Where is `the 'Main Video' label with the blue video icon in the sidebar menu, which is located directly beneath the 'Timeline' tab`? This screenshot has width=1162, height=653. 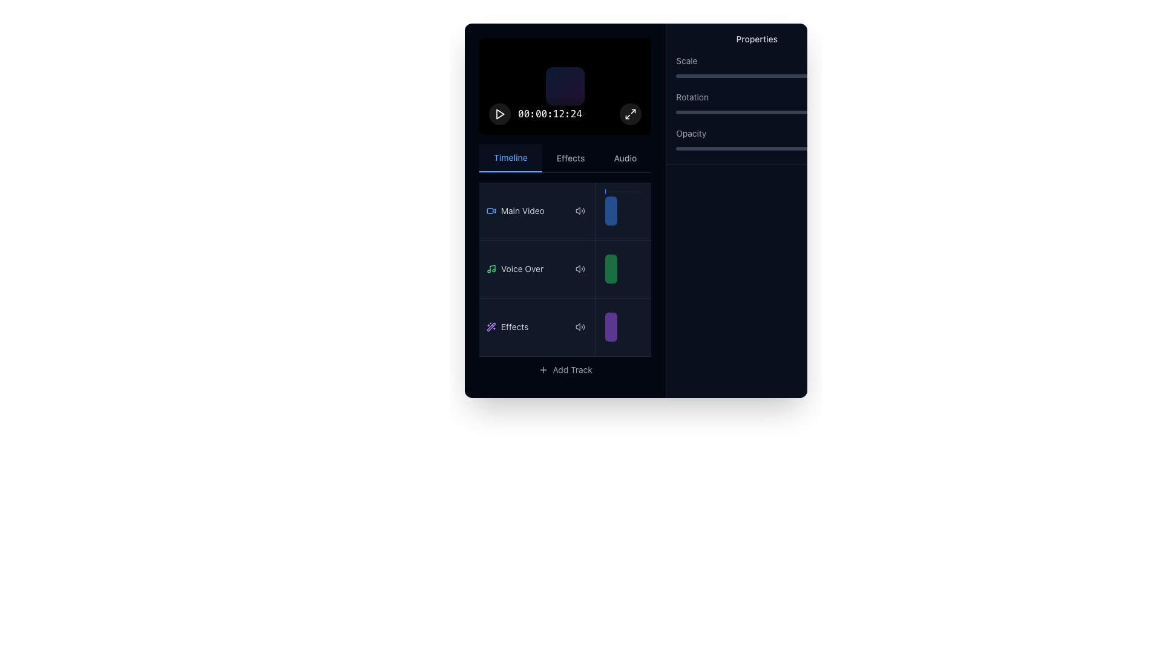
the 'Main Video' label with the blue video icon in the sidebar menu, which is located directly beneath the 'Timeline' tab is located at coordinates (515, 210).